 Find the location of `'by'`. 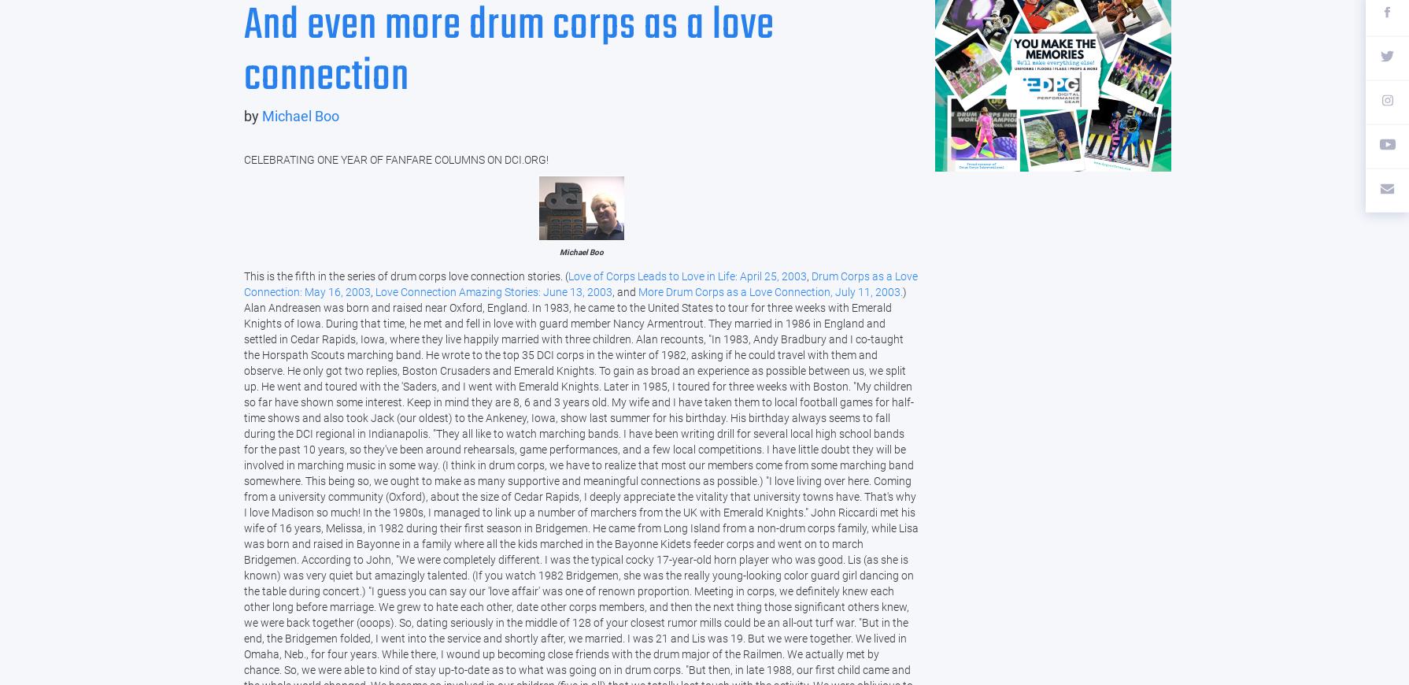

'by' is located at coordinates (244, 115).